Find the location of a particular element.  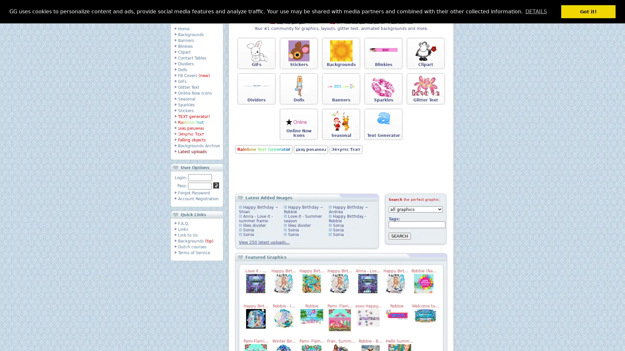

dismiss cookie message is located at coordinates (588, 11).